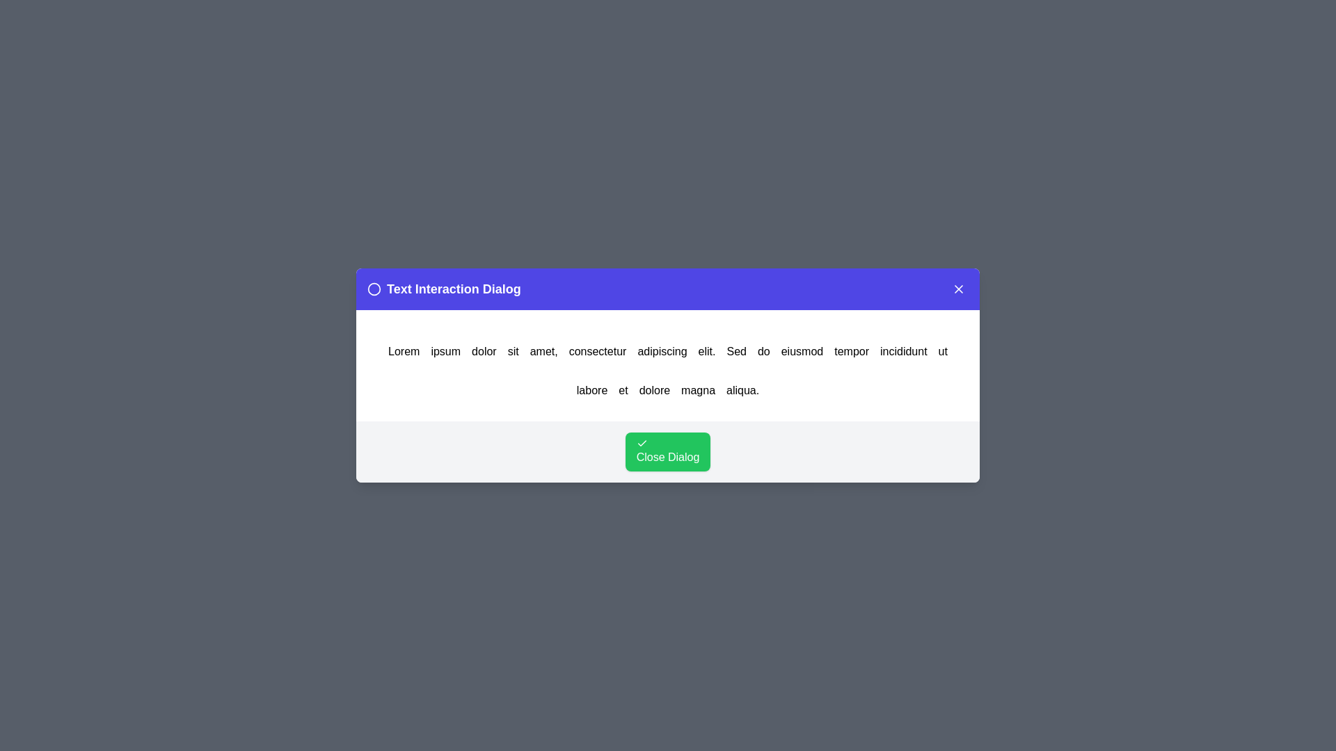 The width and height of the screenshot is (1336, 751). Describe the element at coordinates (621, 391) in the screenshot. I see `the word et in the text to trigger an alert displaying the clicked word` at that location.